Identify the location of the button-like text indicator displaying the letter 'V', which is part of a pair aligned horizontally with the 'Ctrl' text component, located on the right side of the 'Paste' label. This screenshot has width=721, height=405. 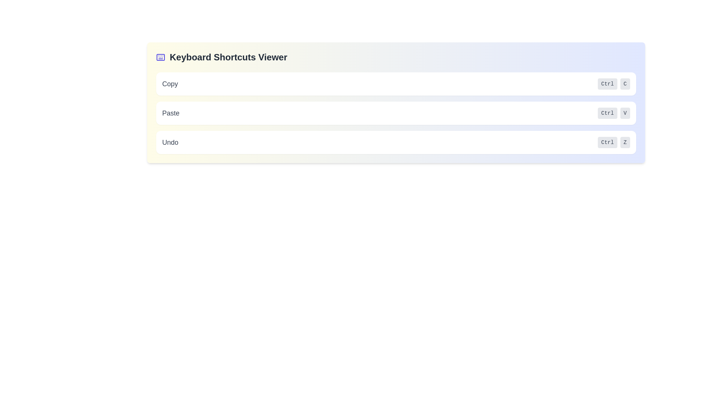
(625, 113).